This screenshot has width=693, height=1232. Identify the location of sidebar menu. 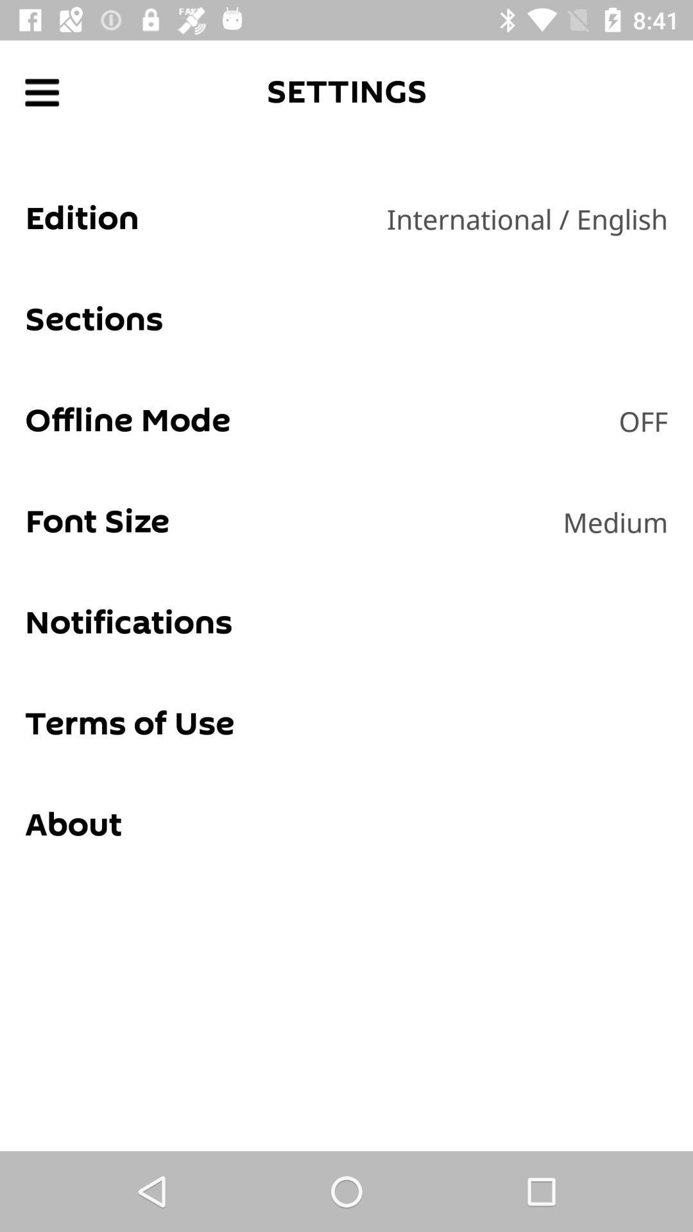
(41, 92).